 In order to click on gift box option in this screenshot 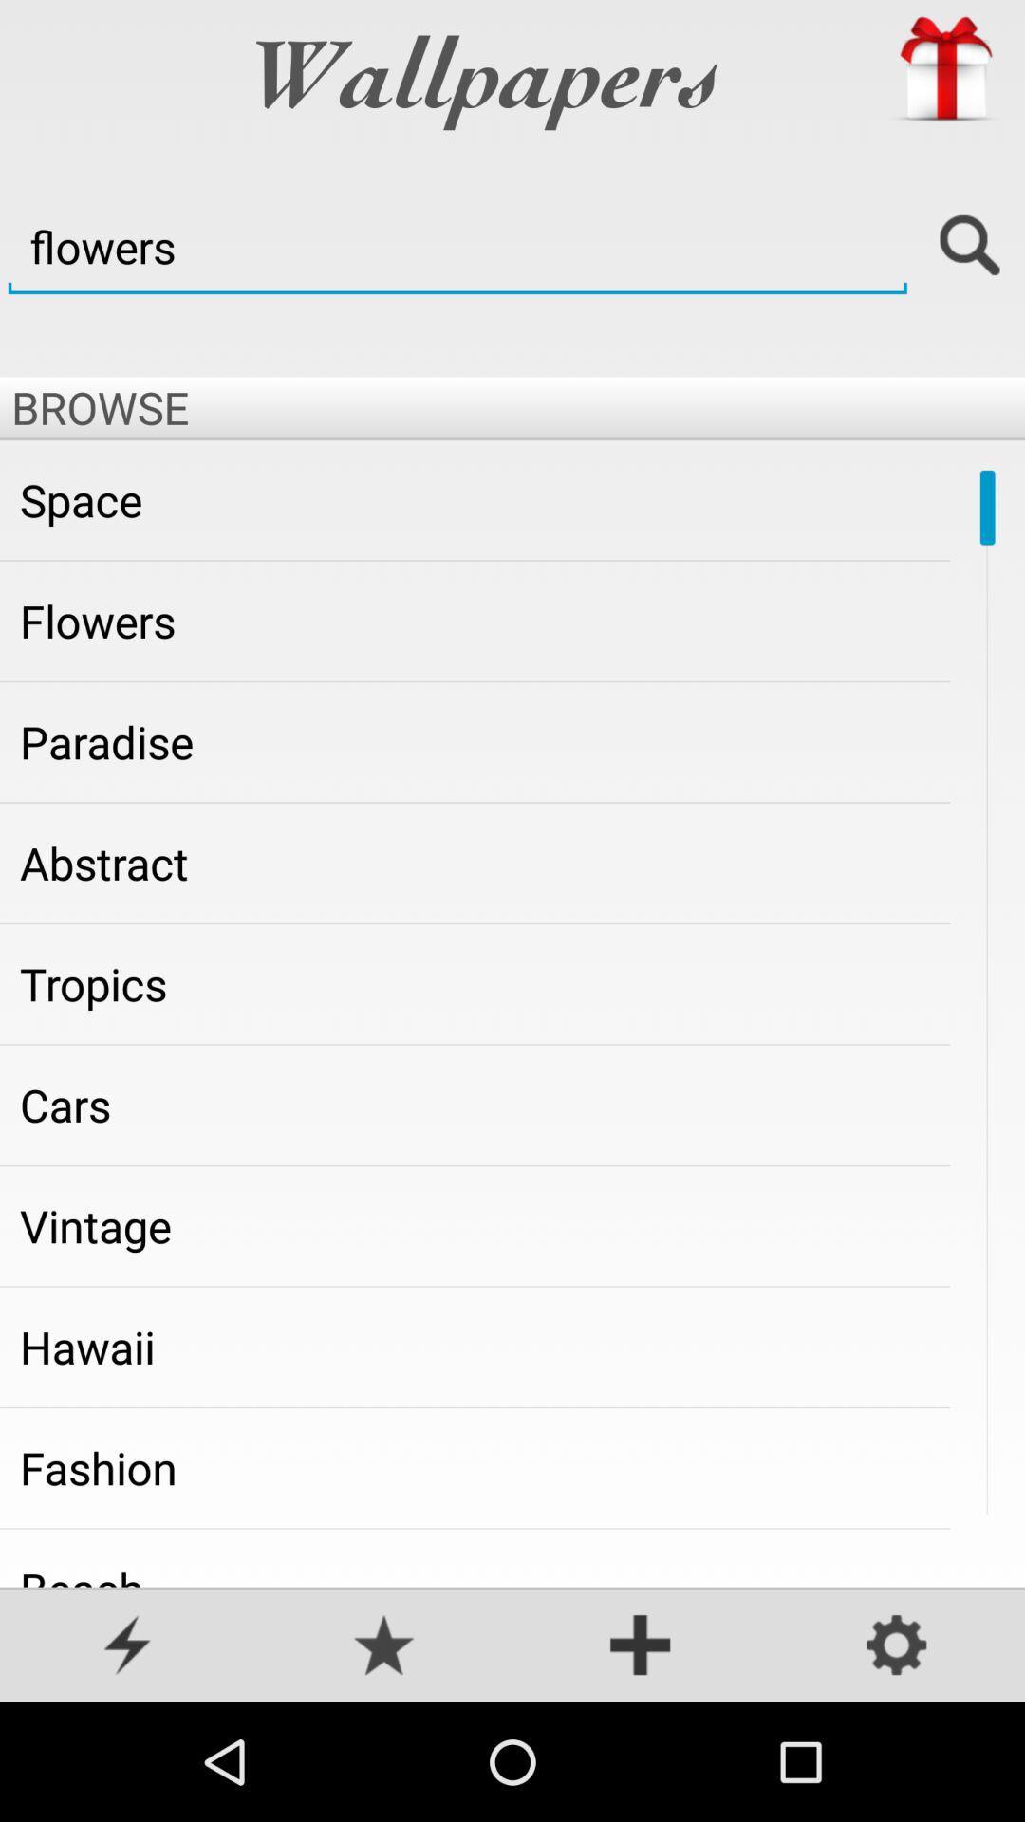, I will do `click(944, 69)`.